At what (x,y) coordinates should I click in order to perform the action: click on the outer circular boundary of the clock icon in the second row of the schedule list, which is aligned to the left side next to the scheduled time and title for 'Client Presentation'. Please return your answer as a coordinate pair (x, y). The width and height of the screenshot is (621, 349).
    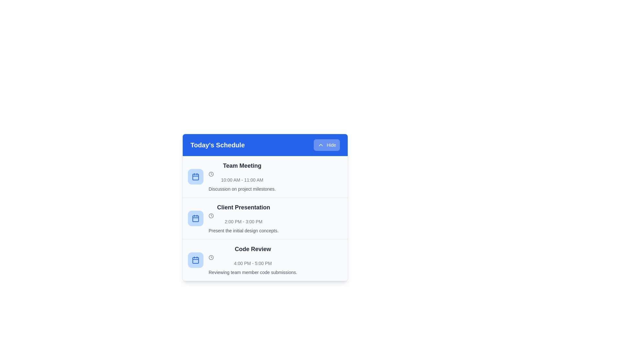
    Looking at the image, I should click on (211, 216).